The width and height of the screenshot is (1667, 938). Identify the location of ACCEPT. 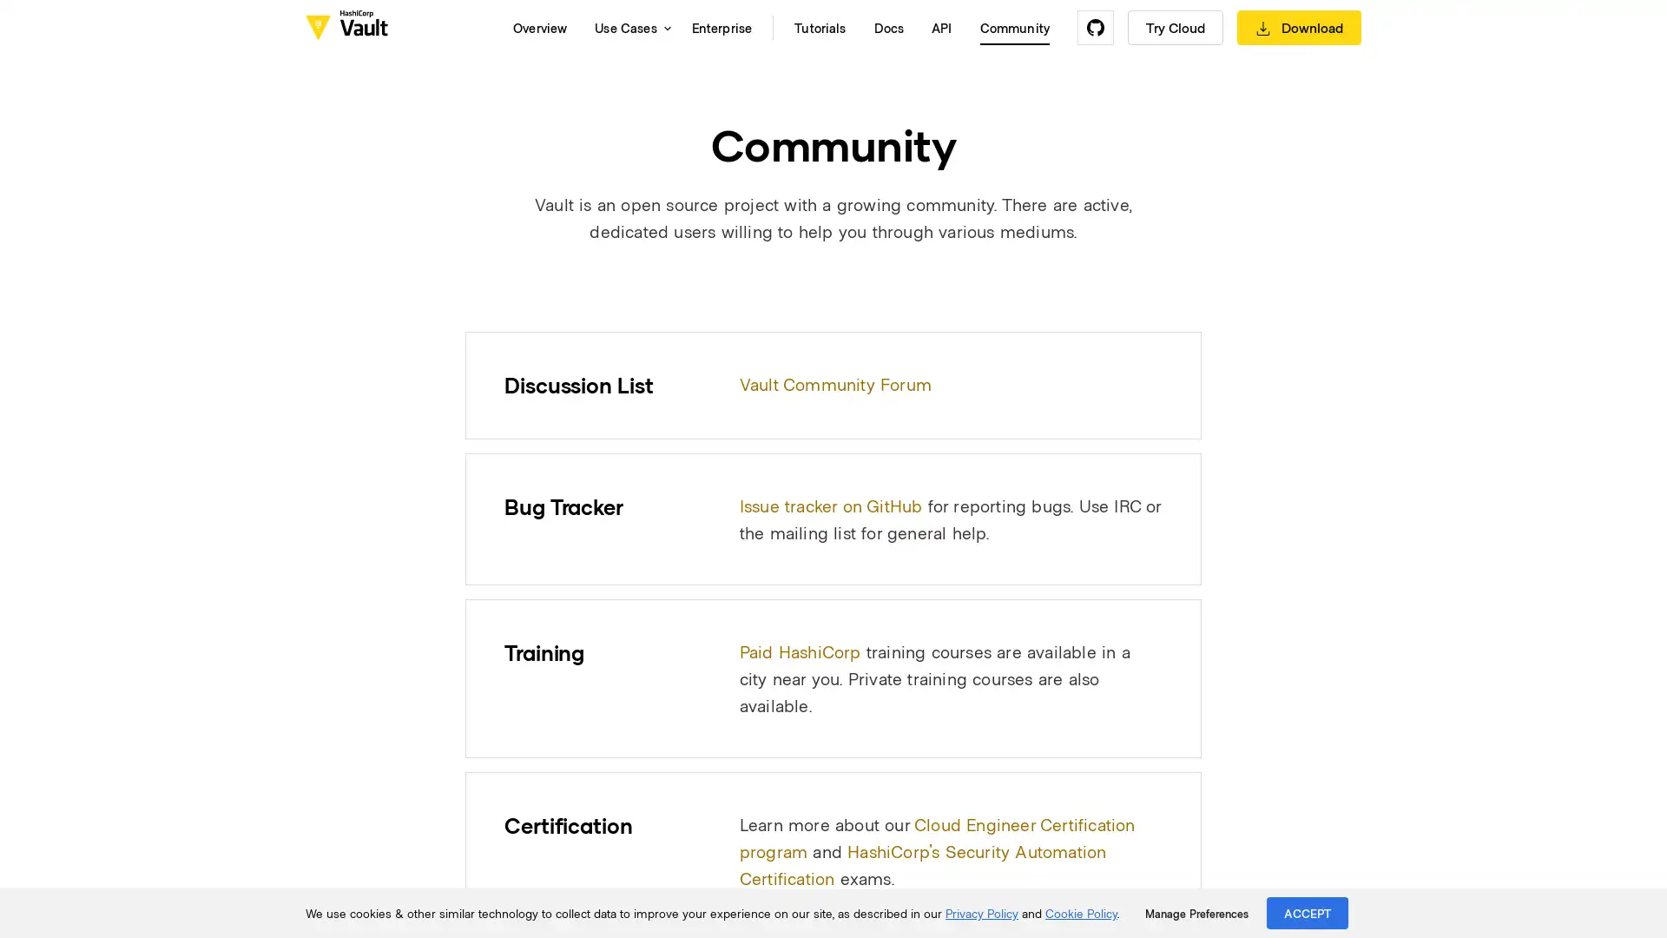
(1308, 912).